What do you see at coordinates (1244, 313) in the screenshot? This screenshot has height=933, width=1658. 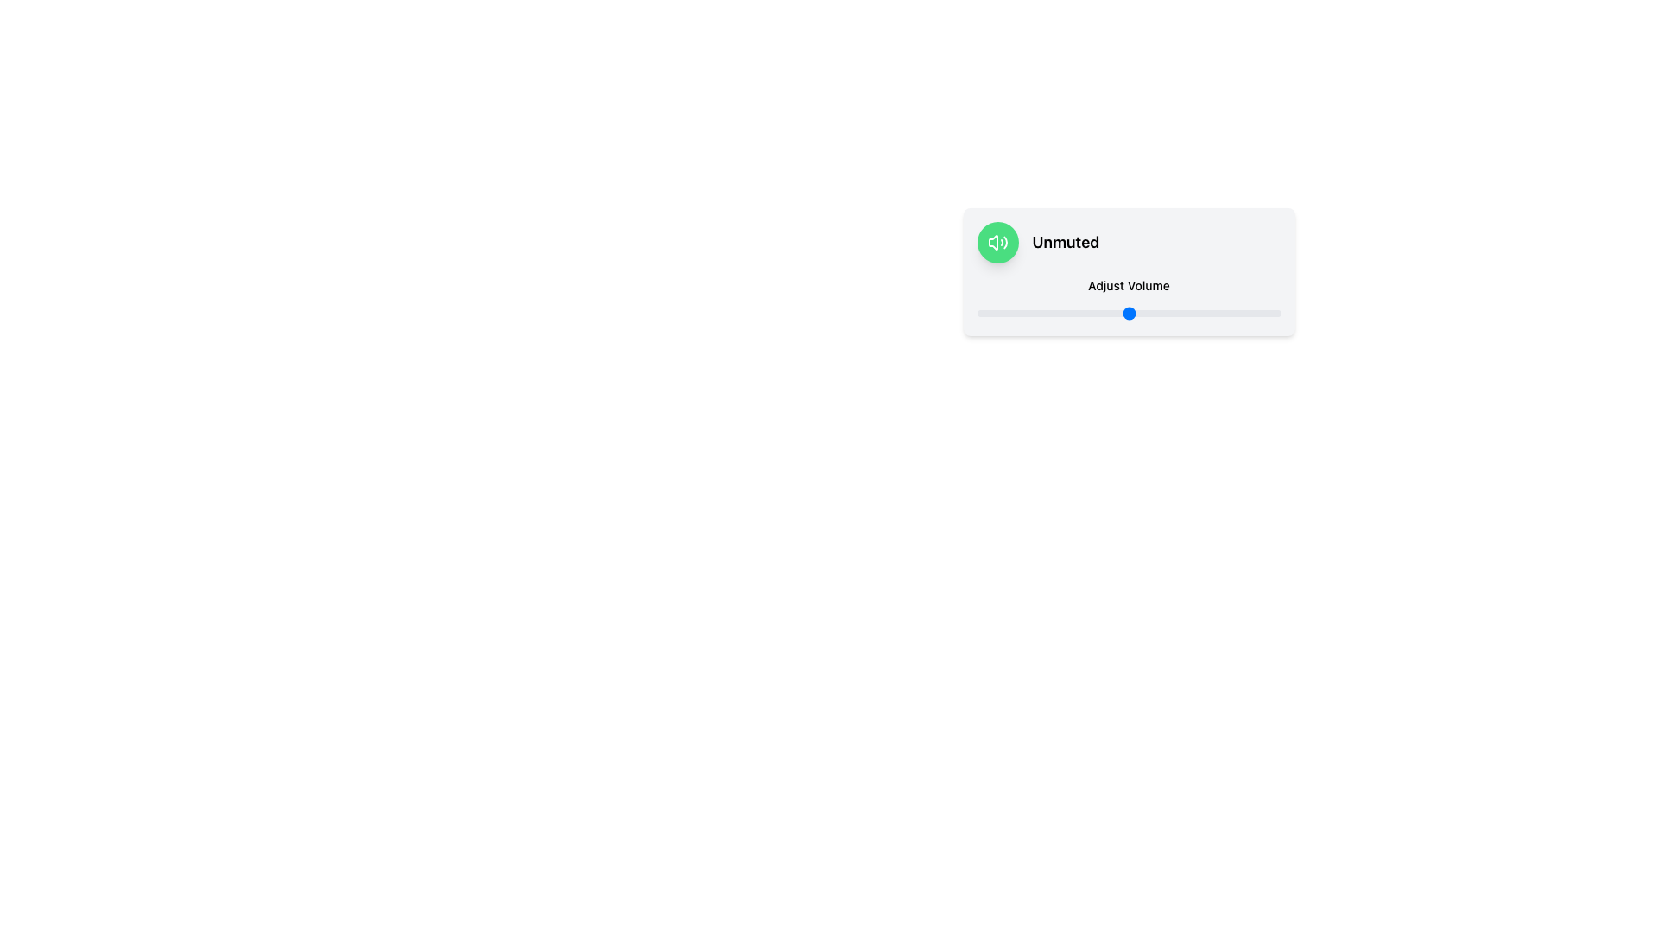 I see `the volume` at bounding box center [1244, 313].